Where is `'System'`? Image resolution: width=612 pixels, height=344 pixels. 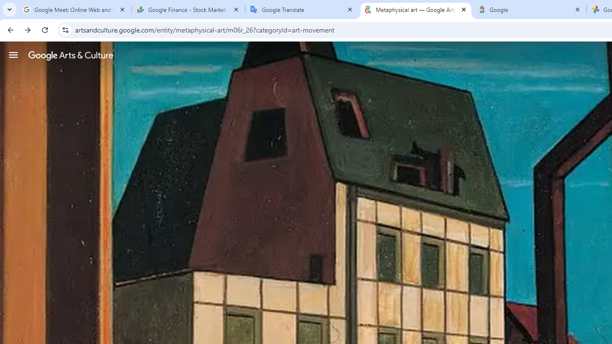 'System' is located at coordinates (5, 5).